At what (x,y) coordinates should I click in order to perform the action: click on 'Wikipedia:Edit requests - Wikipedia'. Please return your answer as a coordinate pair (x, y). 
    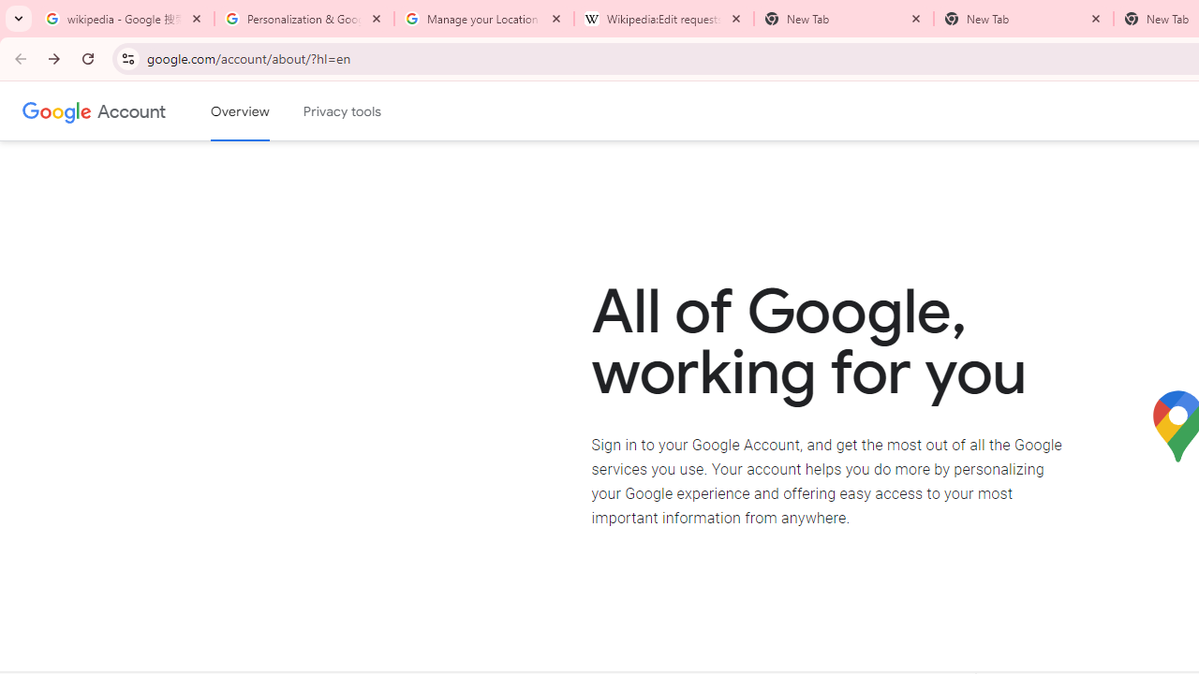
    Looking at the image, I should click on (664, 19).